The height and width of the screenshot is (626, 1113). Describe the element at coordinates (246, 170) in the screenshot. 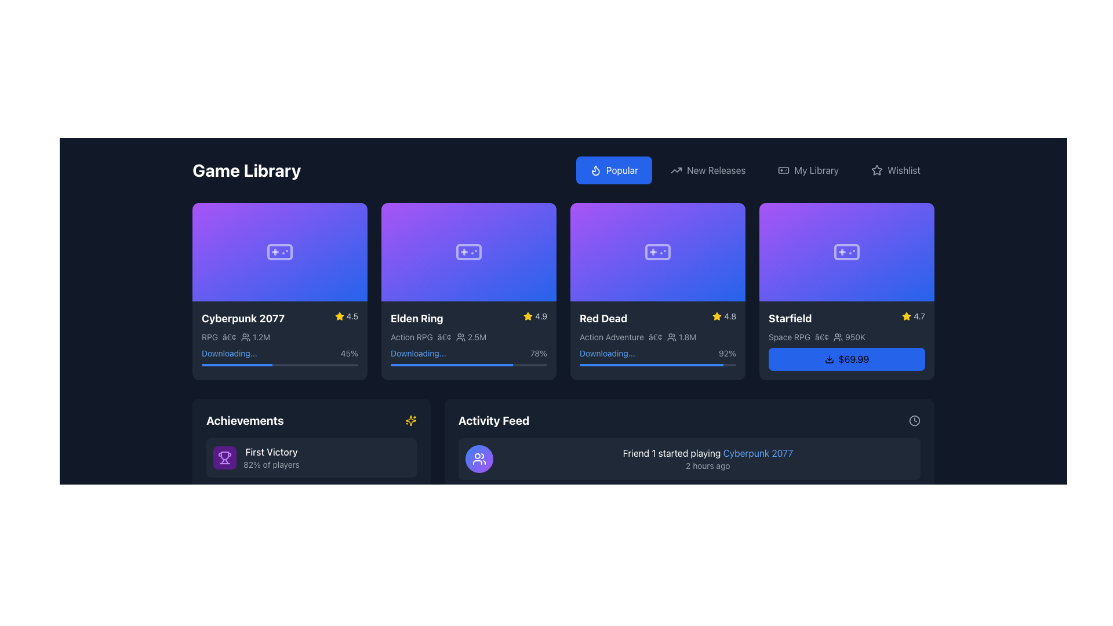

I see `the Header text label located at the top-left side of the navigation bar, which indicates the current section of the interface` at that location.